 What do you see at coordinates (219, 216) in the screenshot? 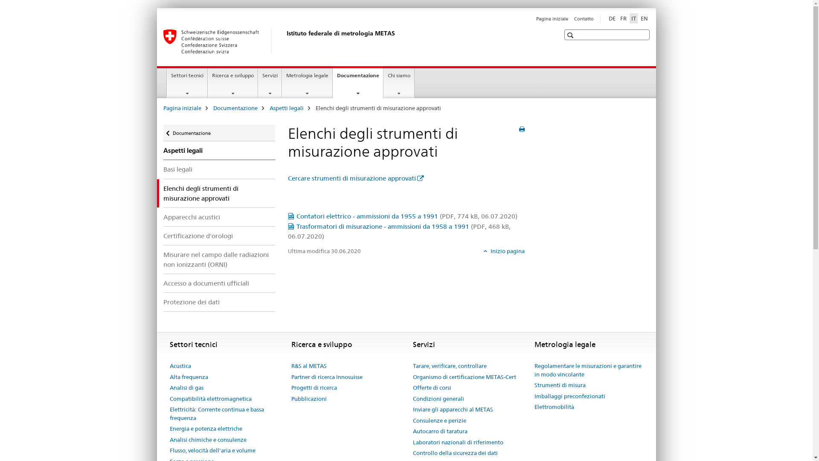
I see `'Apparecchi acustici'` at bounding box center [219, 216].